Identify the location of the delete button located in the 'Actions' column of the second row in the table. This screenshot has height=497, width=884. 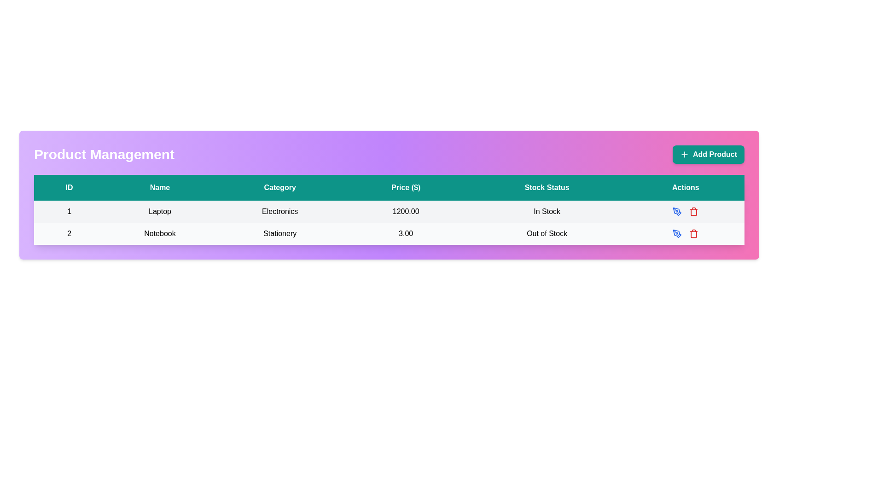
(694, 211).